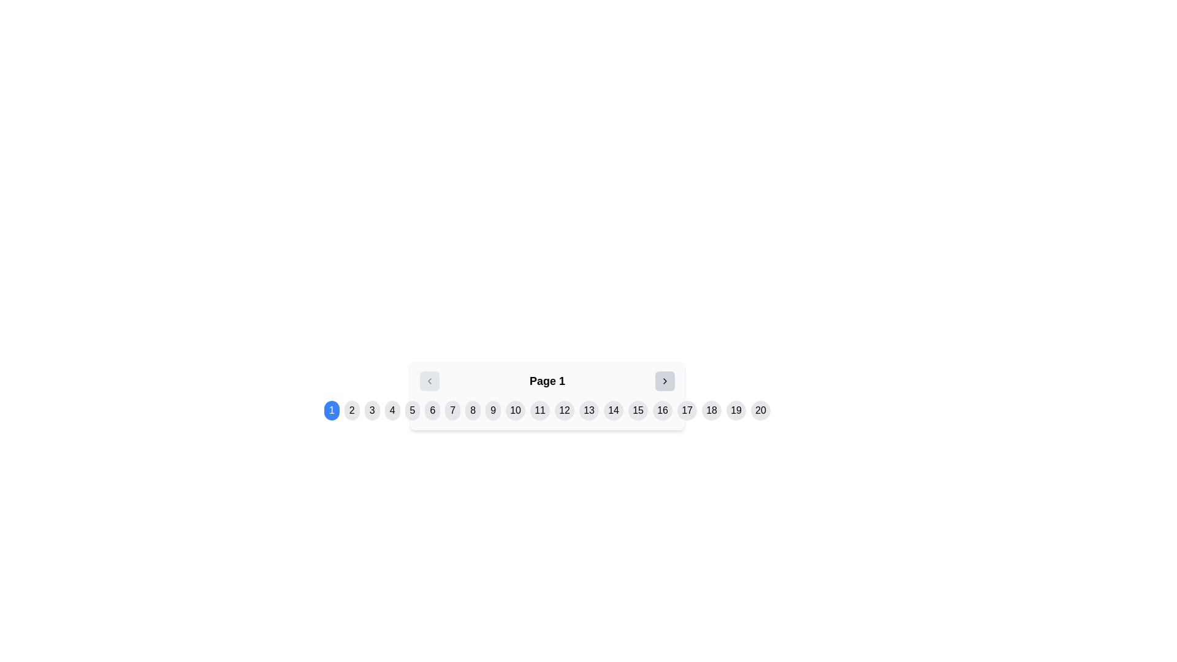 The height and width of the screenshot is (662, 1177). Describe the element at coordinates (351, 411) in the screenshot. I see `the second navigation button, which is located to the immediate right of the button labeled '1'` at that location.